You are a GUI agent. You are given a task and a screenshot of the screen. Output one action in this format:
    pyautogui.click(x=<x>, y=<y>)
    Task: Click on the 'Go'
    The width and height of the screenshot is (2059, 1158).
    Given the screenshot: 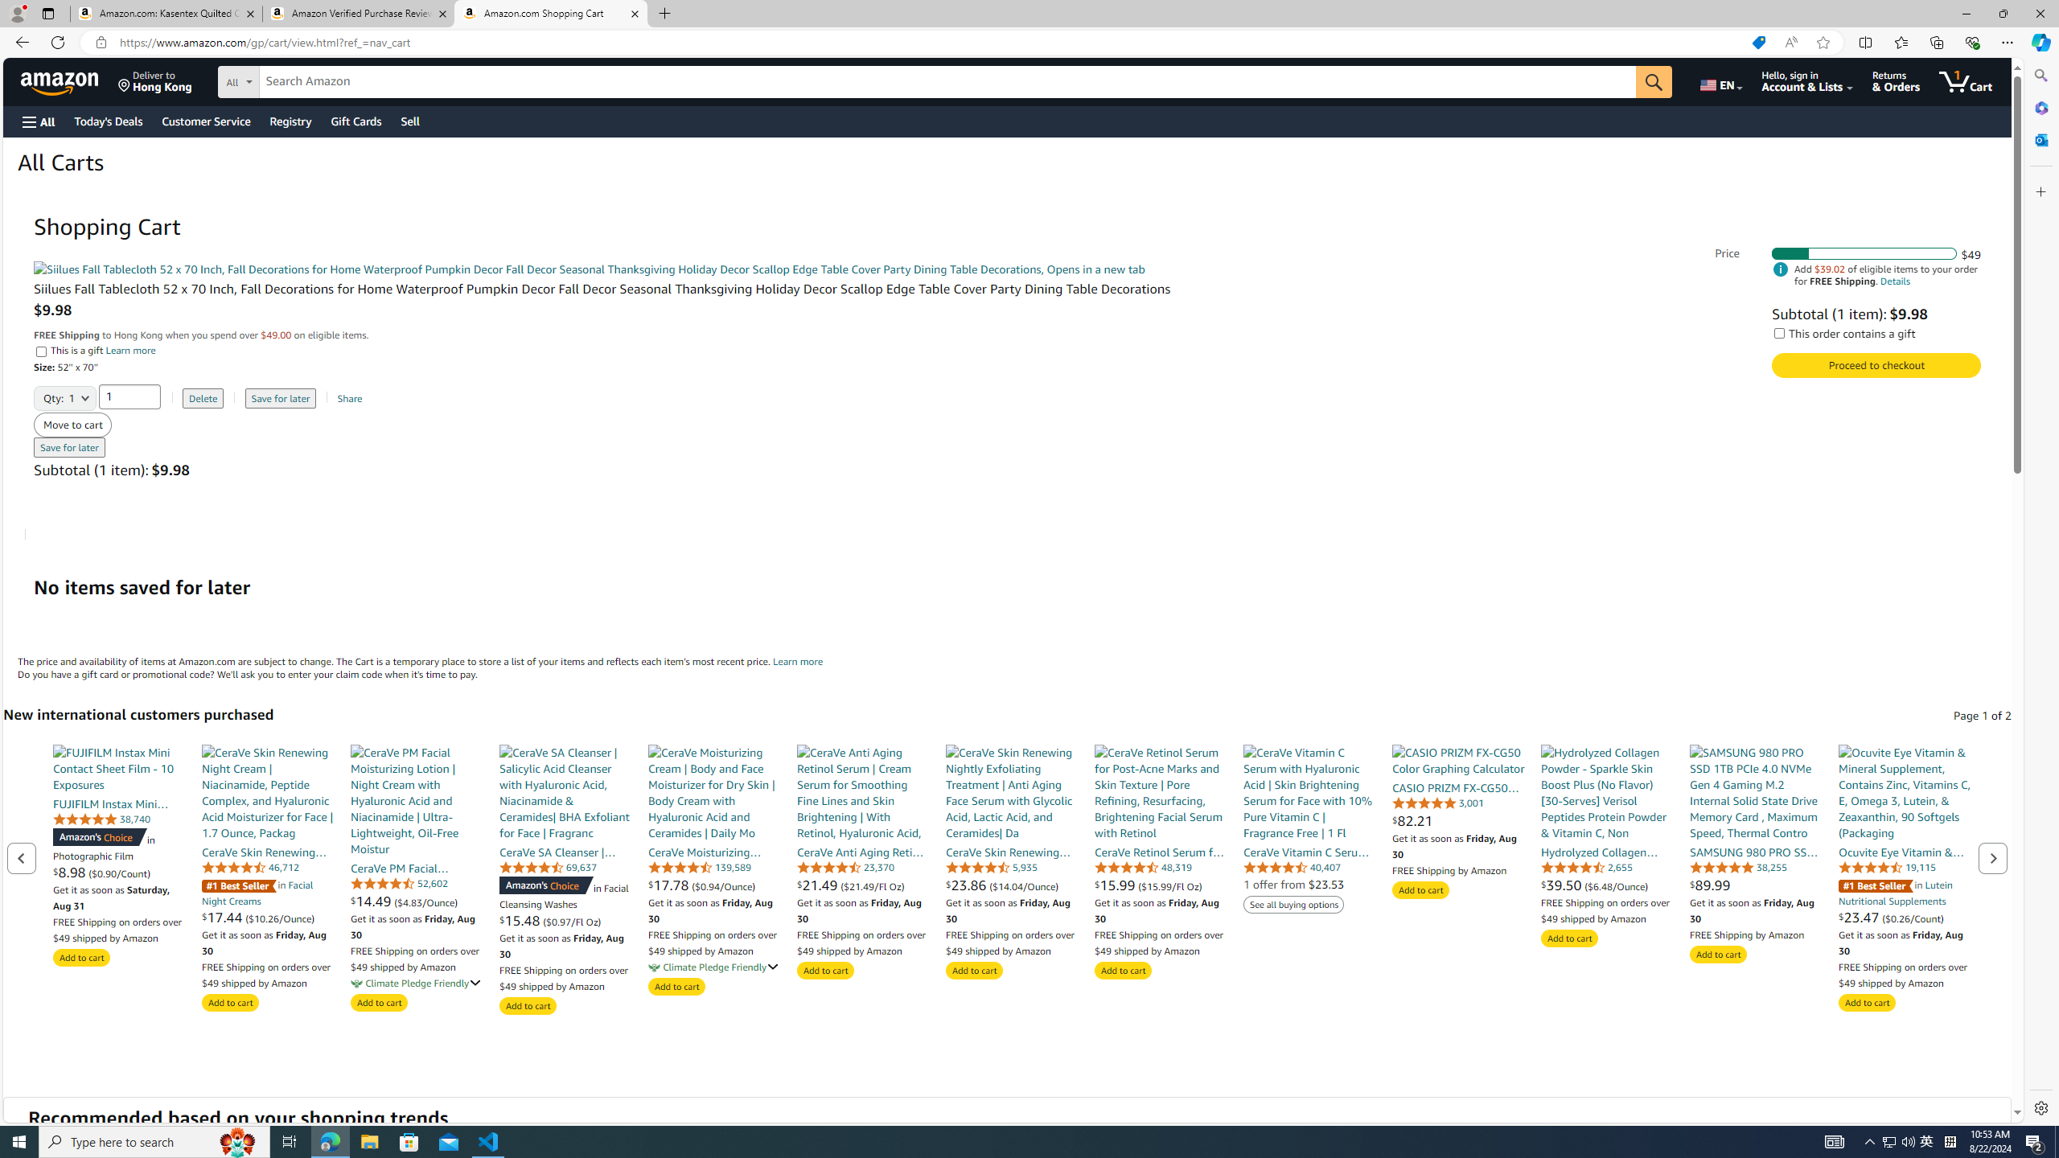 What is the action you would take?
    pyautogui.click(x=1653, y=82)
    